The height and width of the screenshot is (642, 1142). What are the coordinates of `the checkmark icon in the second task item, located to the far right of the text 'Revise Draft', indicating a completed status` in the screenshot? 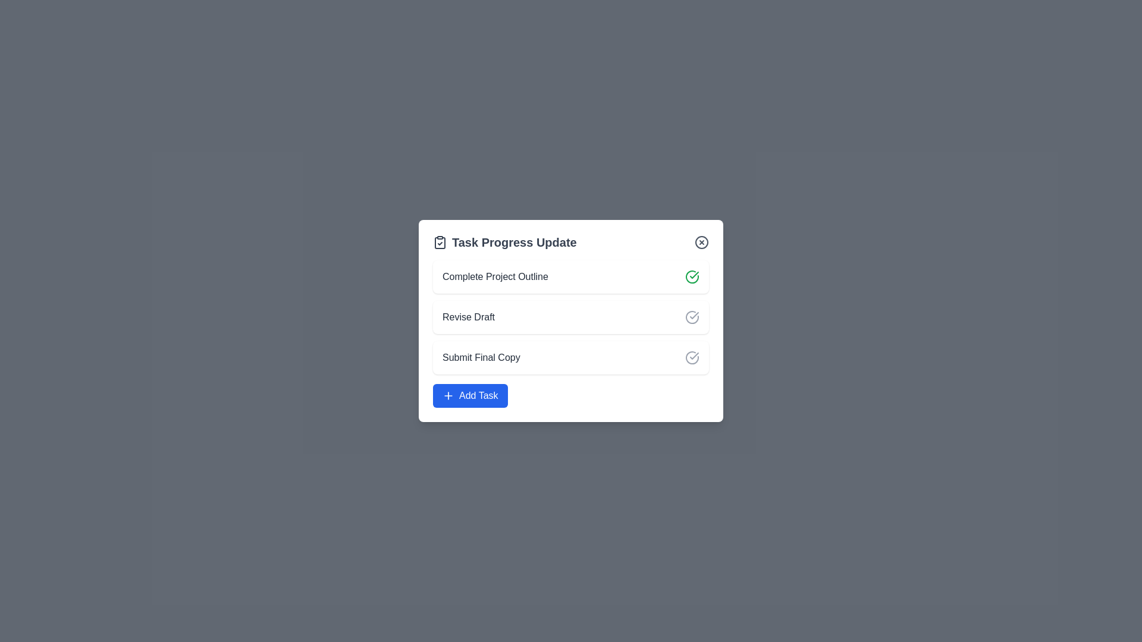 It's located at (694, 315).